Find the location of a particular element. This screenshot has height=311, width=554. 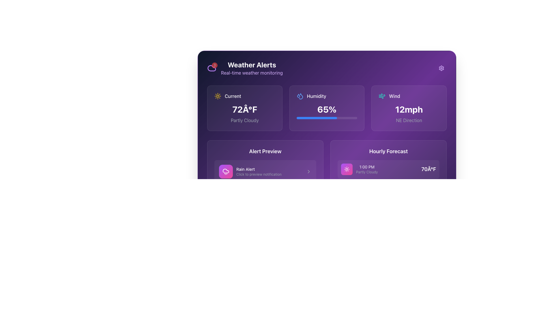

the text label reading 'Click is located at coordinates (269, 174).